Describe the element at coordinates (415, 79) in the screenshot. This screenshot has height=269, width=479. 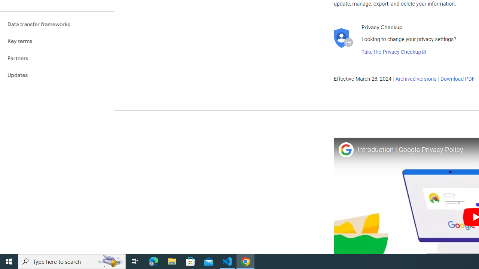
I see `'Archived versions'` at that location.